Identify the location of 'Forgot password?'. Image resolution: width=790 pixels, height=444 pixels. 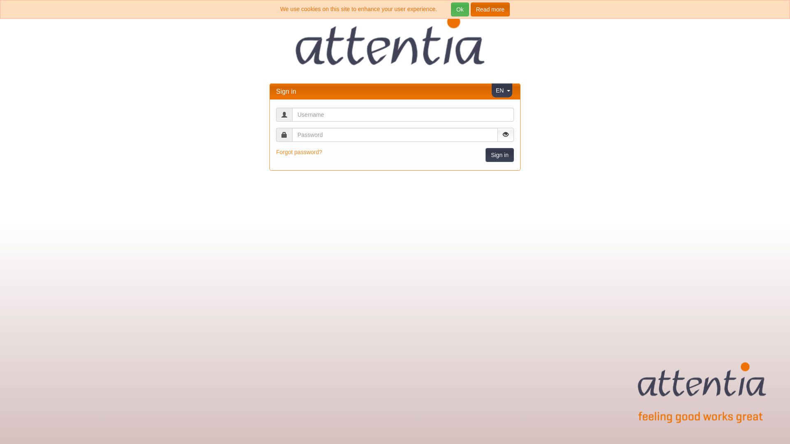
(298, 152).